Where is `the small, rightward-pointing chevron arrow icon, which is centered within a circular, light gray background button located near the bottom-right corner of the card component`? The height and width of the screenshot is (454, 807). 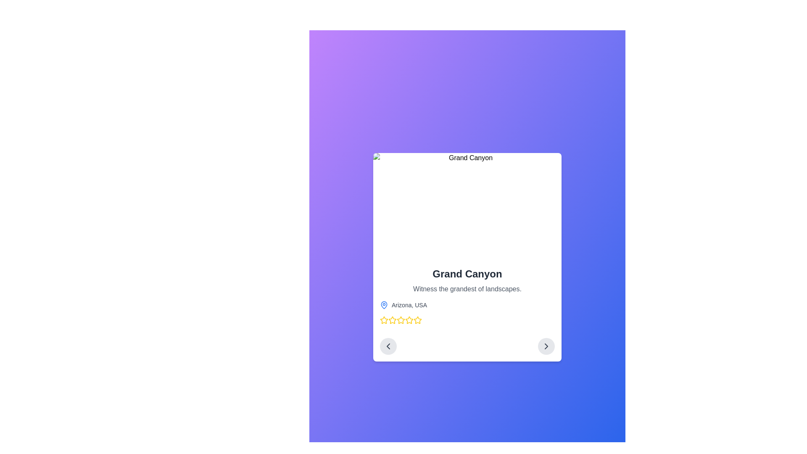 the small, rightward-pointing chevron arrow icon, which is centered within a circular, light gray background button located near the bottom-right corner of the card component is located at coordinates (546, 346).